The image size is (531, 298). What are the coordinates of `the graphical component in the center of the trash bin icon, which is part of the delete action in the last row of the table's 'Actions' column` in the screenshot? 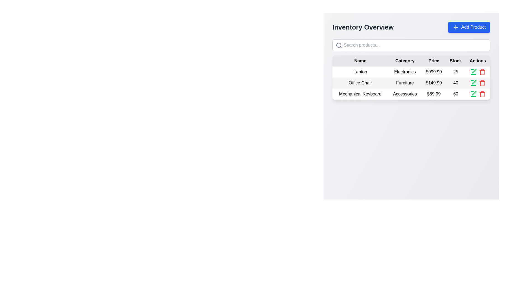 It's located at (482, 72).